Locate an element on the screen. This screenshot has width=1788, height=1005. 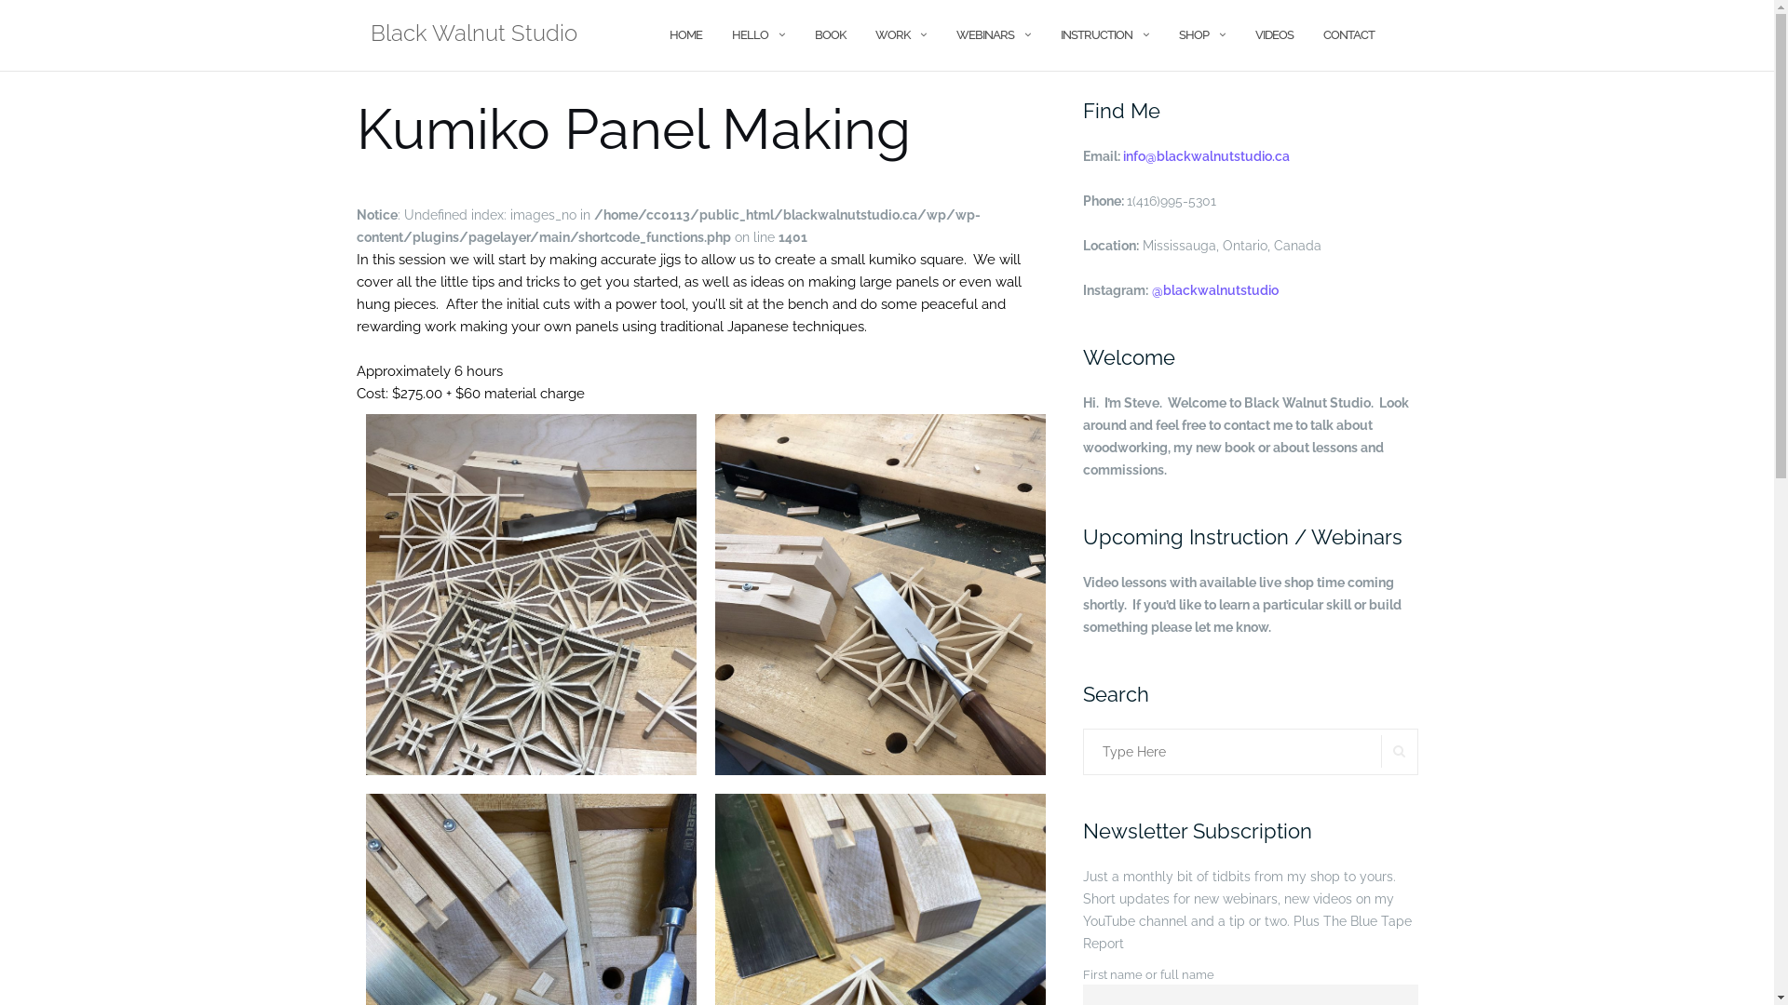
'Black Walnut Studio' is located at coordinates (473, 35).